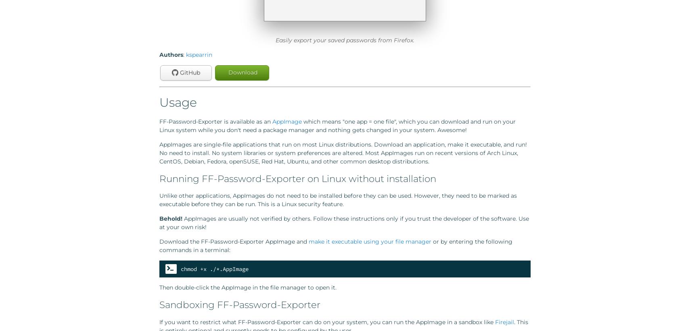 The image size is (690, 331). What do you see at coordinates (240, 304) in the screenshot?
I see `'Sandboxing FF-Password-Exporter'` at bounding box center [240, 304].